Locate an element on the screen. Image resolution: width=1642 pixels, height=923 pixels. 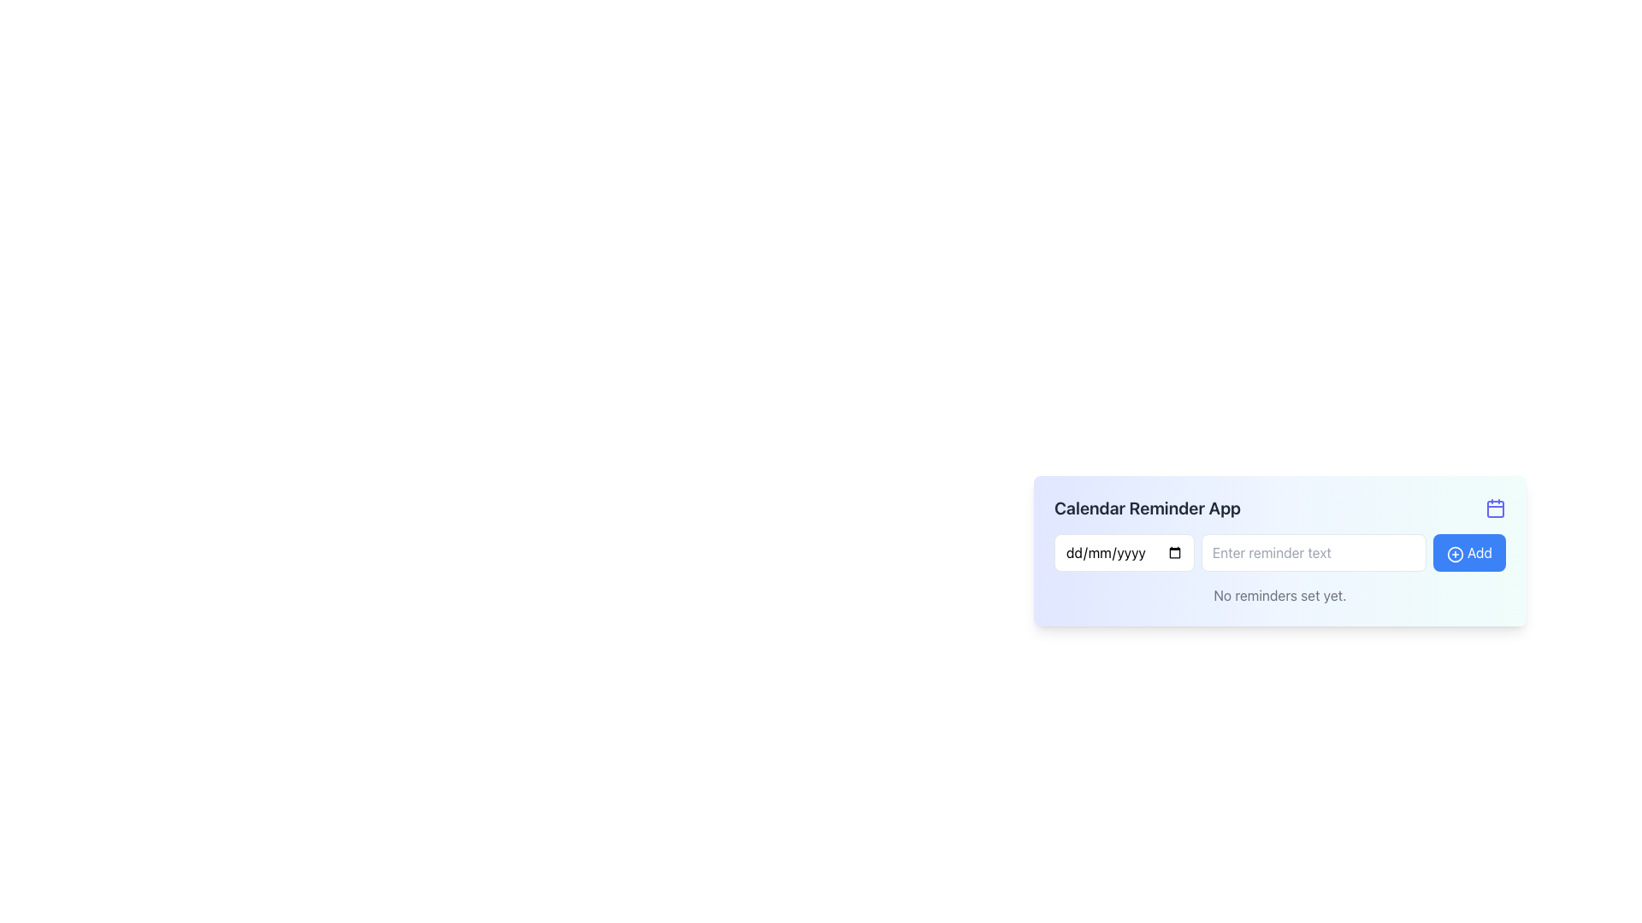
the circular blue icon with a plus sign inside it, located to the left of the 'Add' text within the blue button, to initiate an 'add' action is located at coordinates (1454, 554).